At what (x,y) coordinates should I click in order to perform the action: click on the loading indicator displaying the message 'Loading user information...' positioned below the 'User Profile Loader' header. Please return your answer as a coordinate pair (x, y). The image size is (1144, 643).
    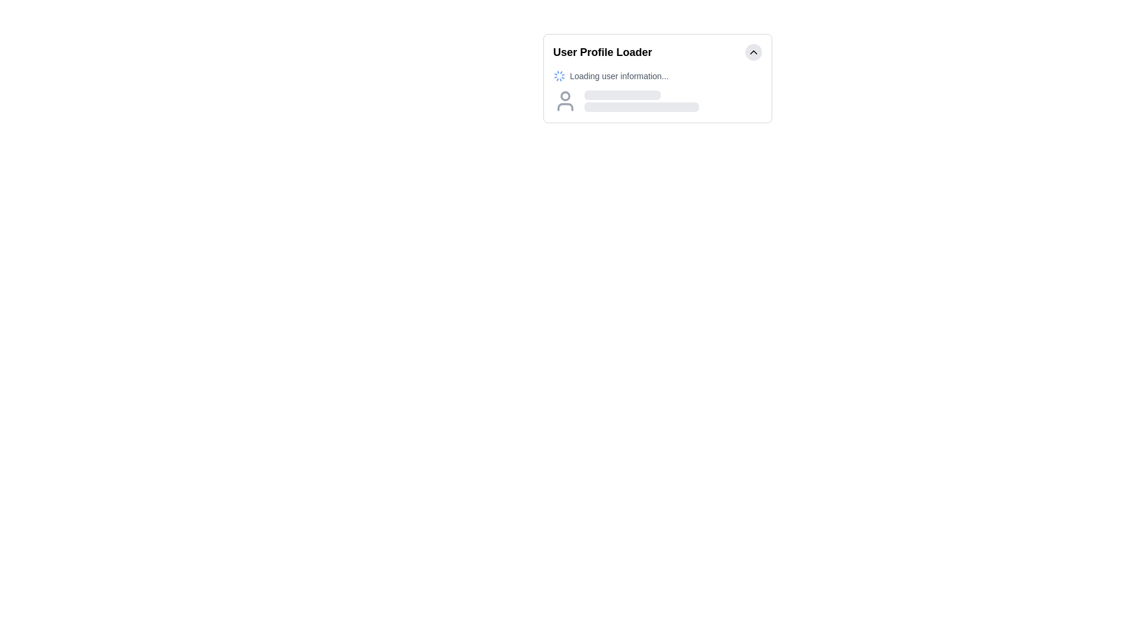
    Looking at the image, I should click on (657, 91).